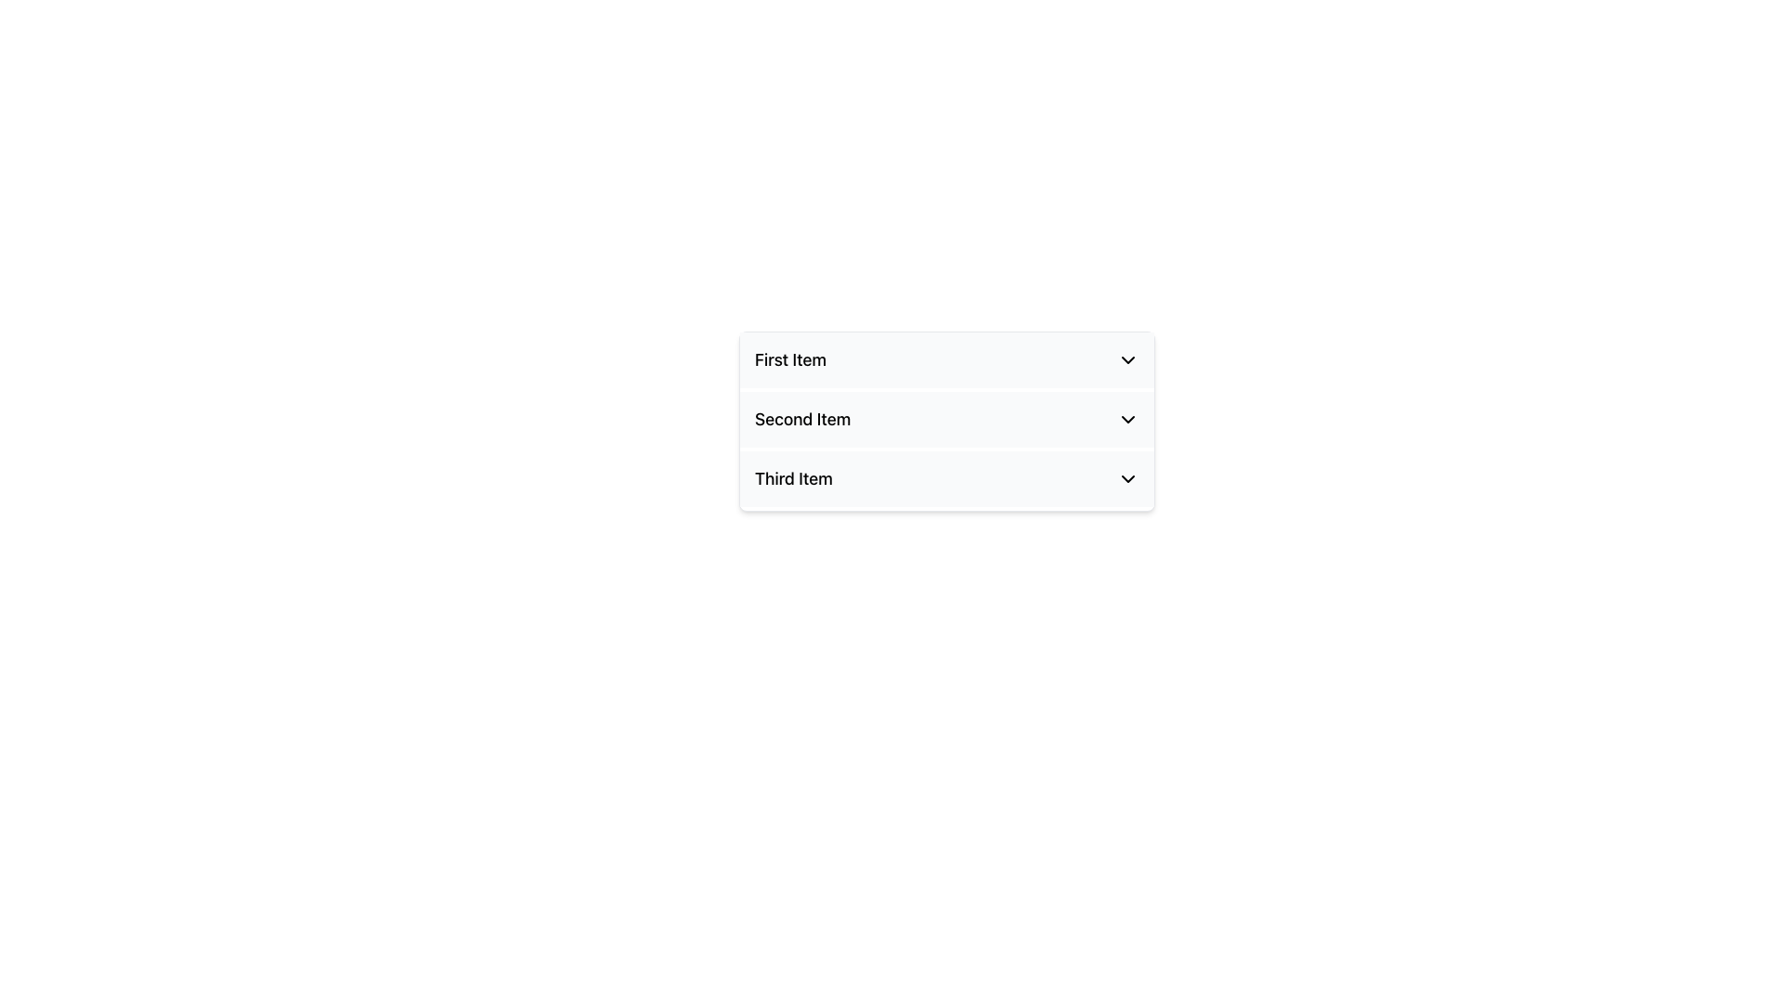 This screenshot has width=1783, height=1003. Describe the element at coordinates (1126, 419) in the screenshot. I see `the chevron icon located at the far right of the 'Second Item' list` at that location.